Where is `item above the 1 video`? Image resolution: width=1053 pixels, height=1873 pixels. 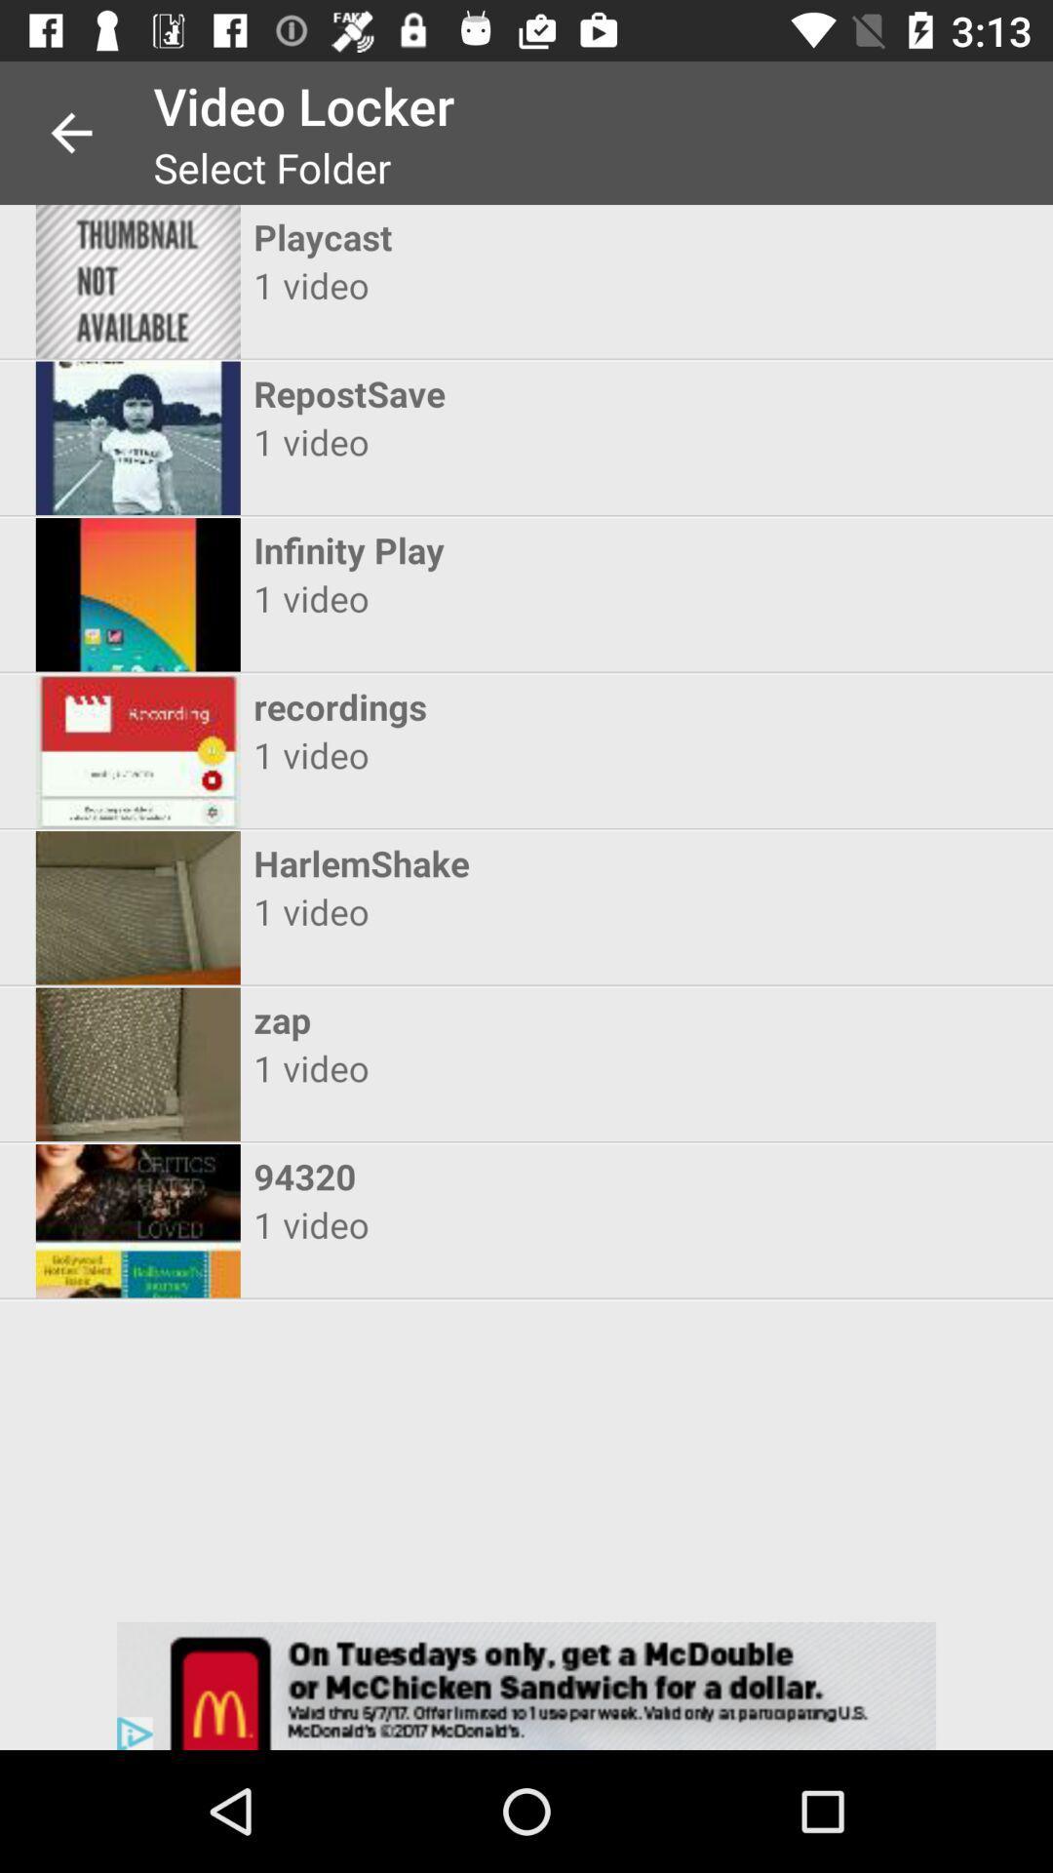 item above the 1 video is located at coordinates (508, 392).